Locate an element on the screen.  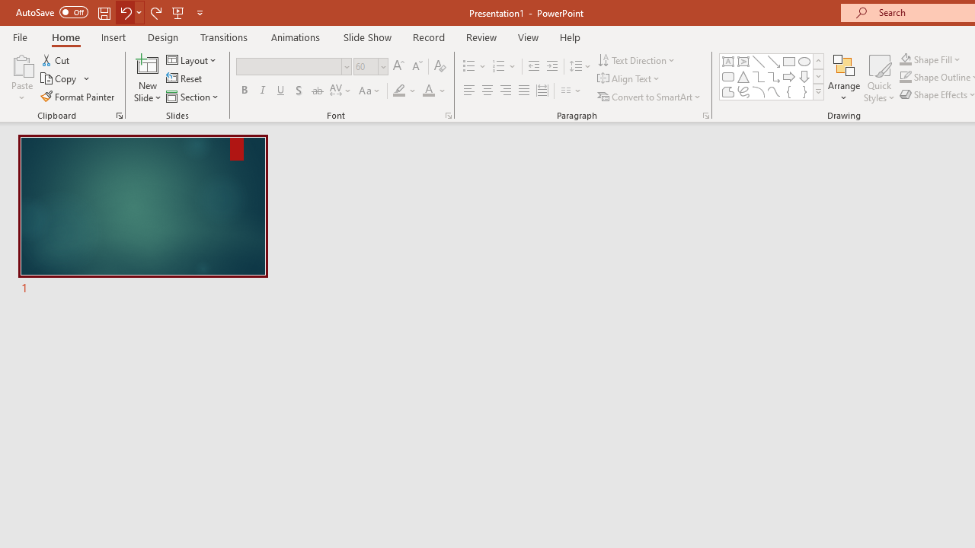
'Shape Fill Orange, Accent 2' is located at coordinates (906, 59).